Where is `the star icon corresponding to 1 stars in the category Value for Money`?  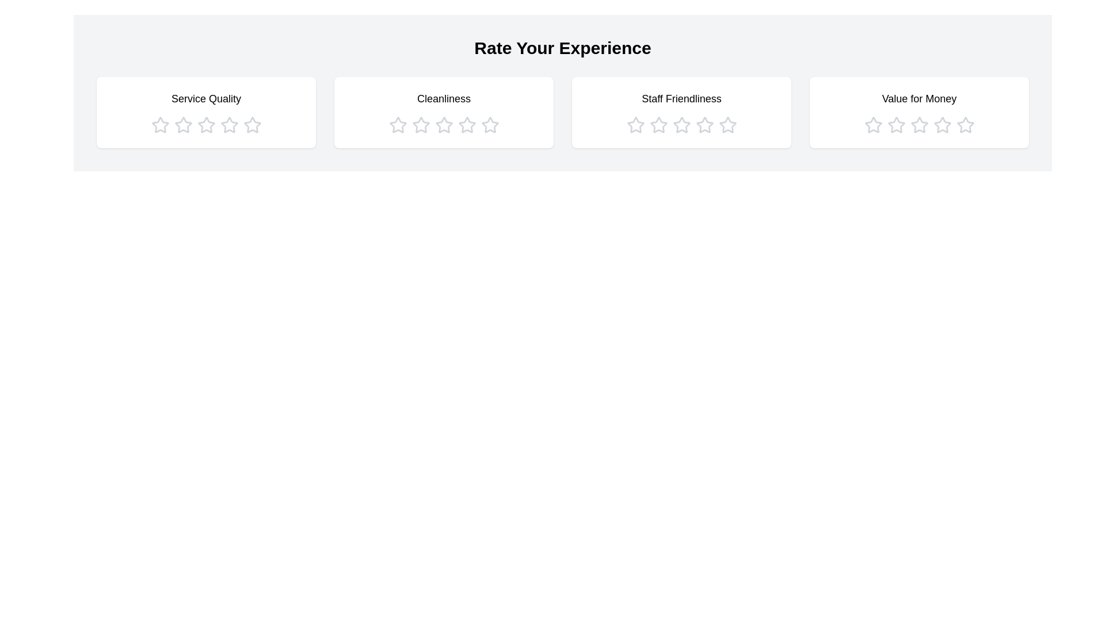 the star icon corresponding to 1 stars in the category Value for Money is located at coordinates (873, 125).